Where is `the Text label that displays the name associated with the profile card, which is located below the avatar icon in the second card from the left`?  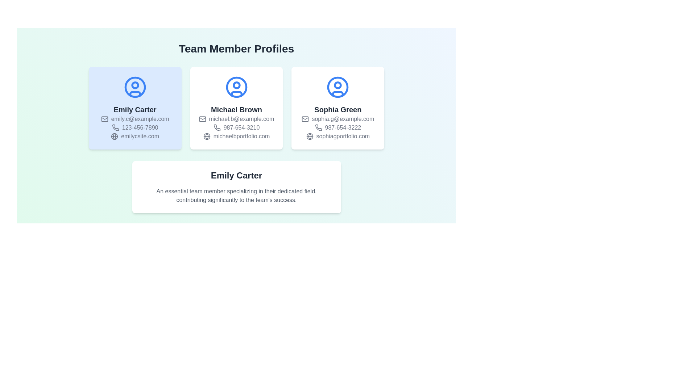 the Text label that displays the name associated with the profile card, which is located below the avatar icon in the second card from the left is located at coordinates (236, 110).